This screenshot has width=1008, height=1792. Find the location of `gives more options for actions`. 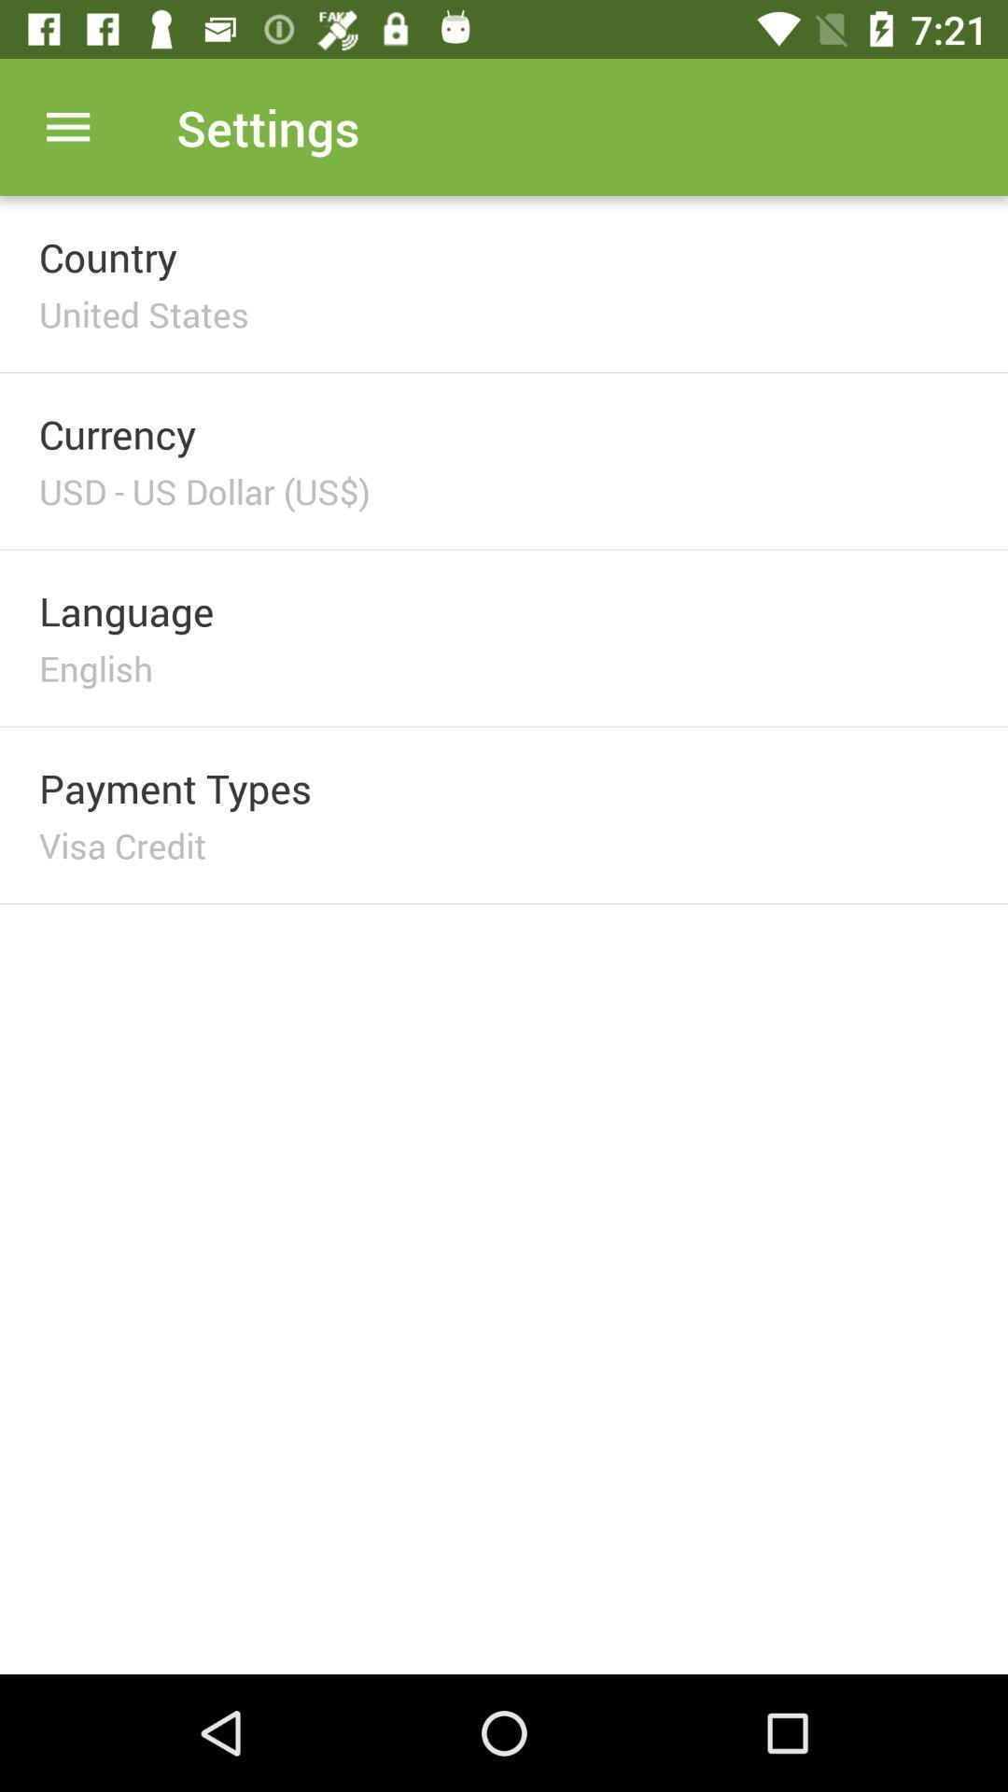

gives more options for actions is located at coordinates (67, 126).